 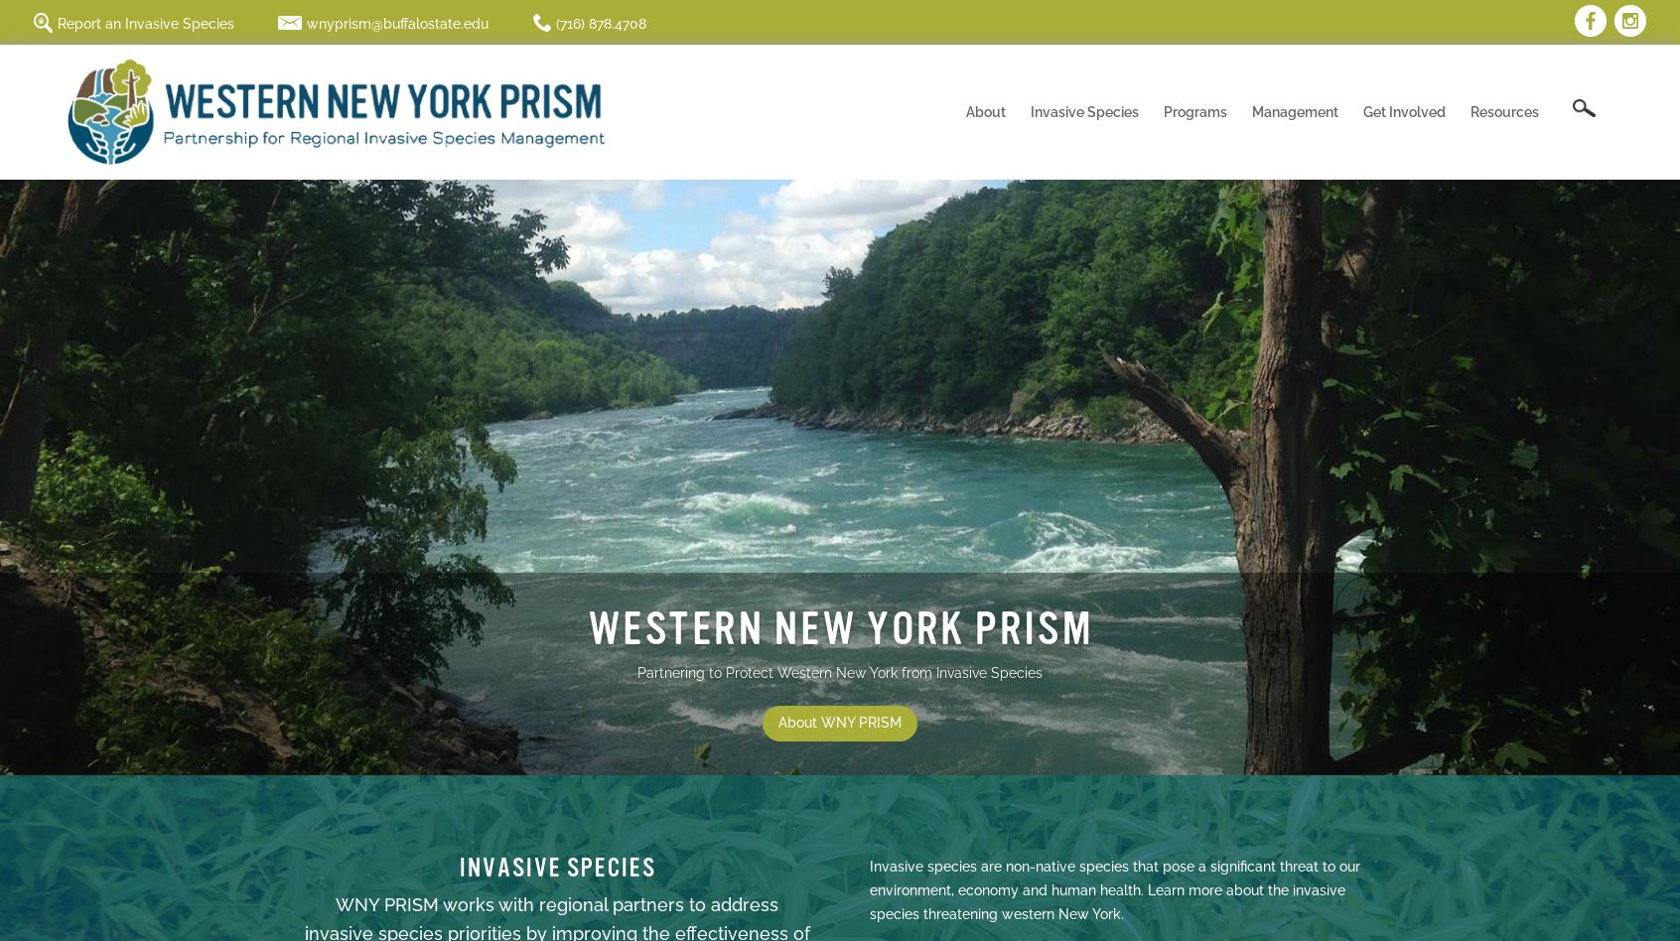 What do you see at coordinates (1083, 110) in the screenshot?
I see `'Invasive Species'` at bounding box center [1083, 110].